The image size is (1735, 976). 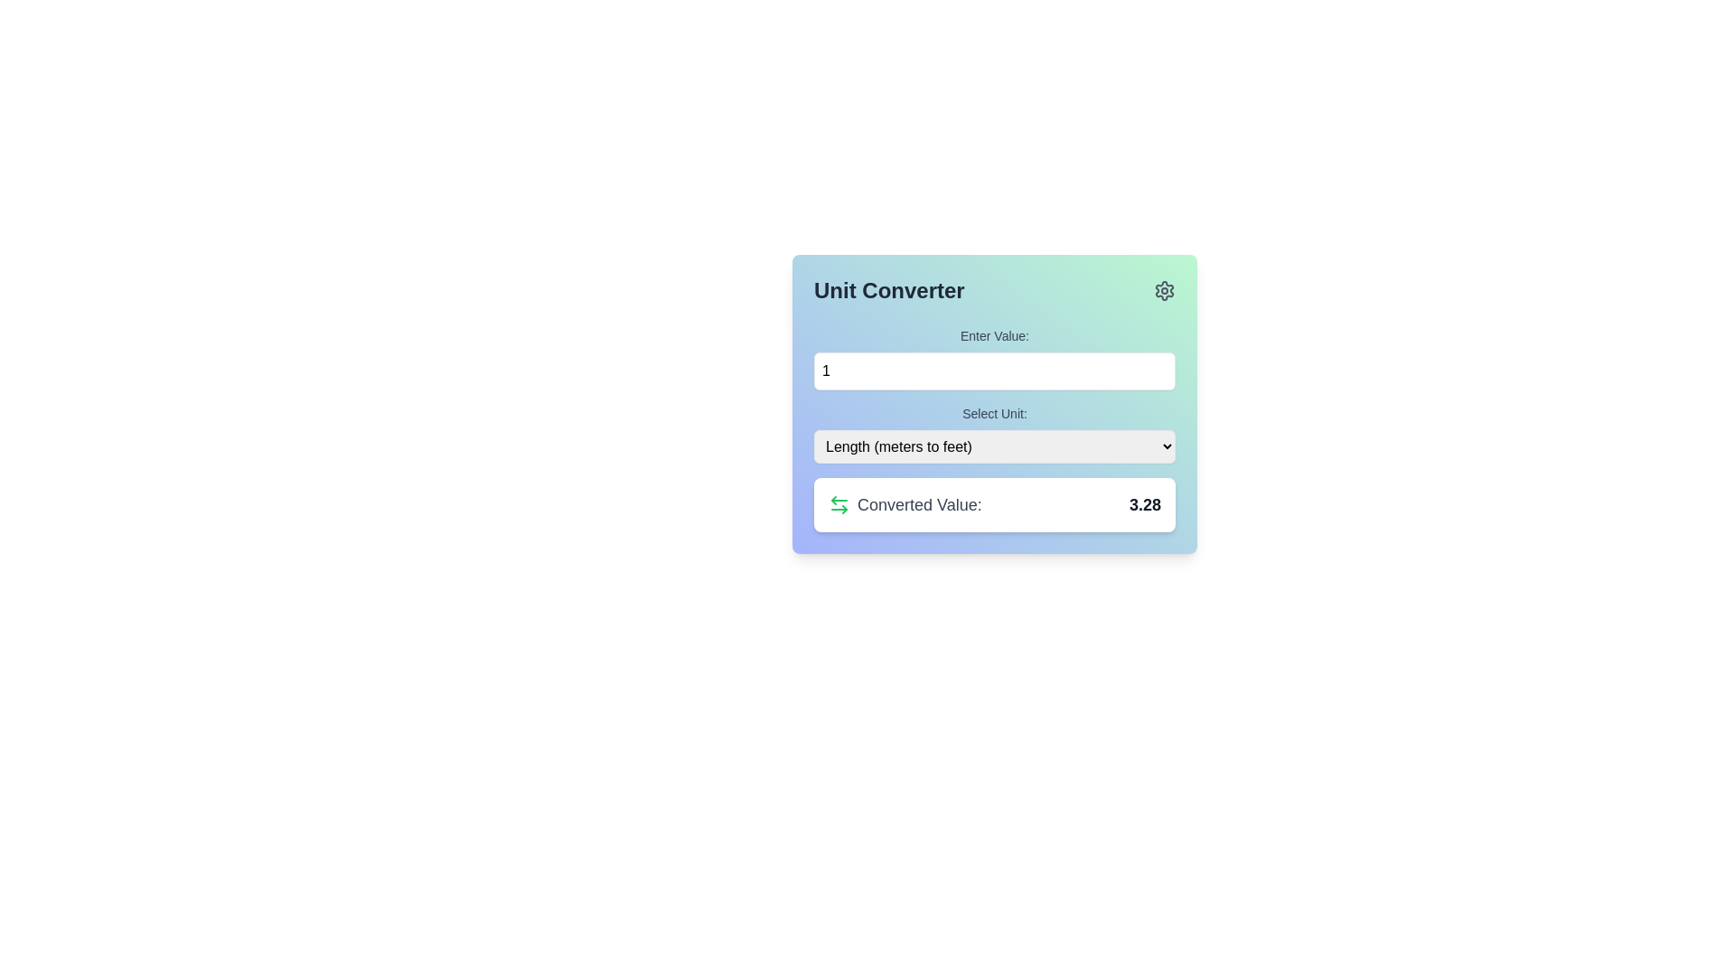 What do you see at coordinates (919, 505) in the screenshot?
I see `the rightmost Text Label that identifies the converted value, positioned above the numeric display and adjacent to the green conversion arrows icon` at bounding box center [919, 505].